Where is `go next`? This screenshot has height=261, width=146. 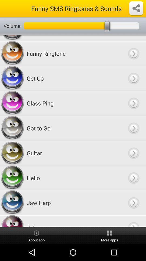
go next is located at coordinates (133, 128).